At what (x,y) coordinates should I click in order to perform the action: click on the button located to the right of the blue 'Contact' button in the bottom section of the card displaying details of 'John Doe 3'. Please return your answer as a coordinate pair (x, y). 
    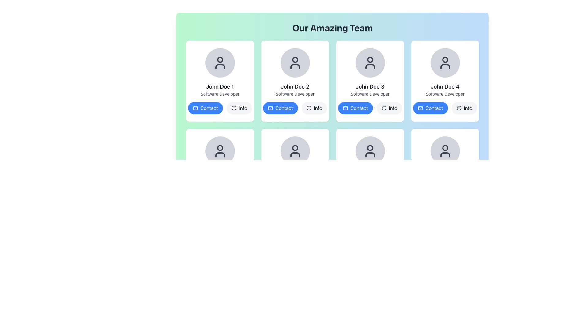
    Looking at the image, I should click on (389, 108).